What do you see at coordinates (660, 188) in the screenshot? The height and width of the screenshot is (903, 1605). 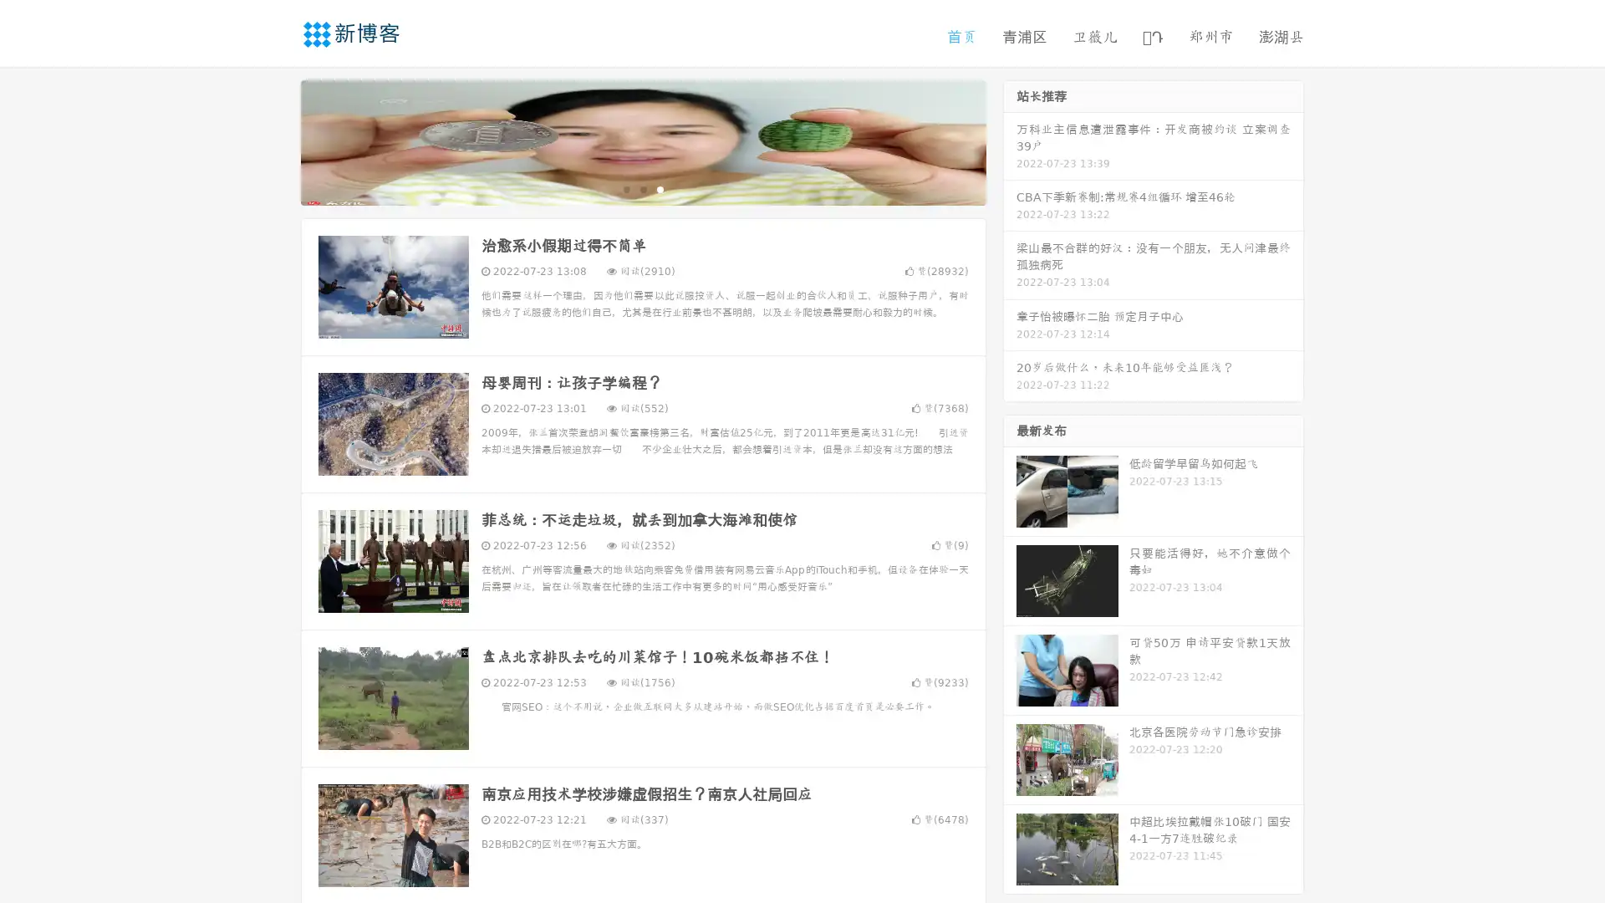 I see `Go to slide 3` at bounding box center [660, 188].